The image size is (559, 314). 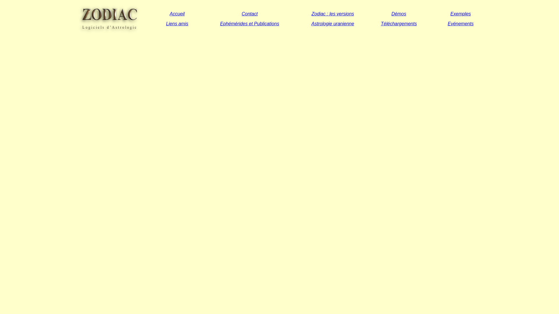 I want to click on 'Zodiac : les versions', so click(x=332, y=13).